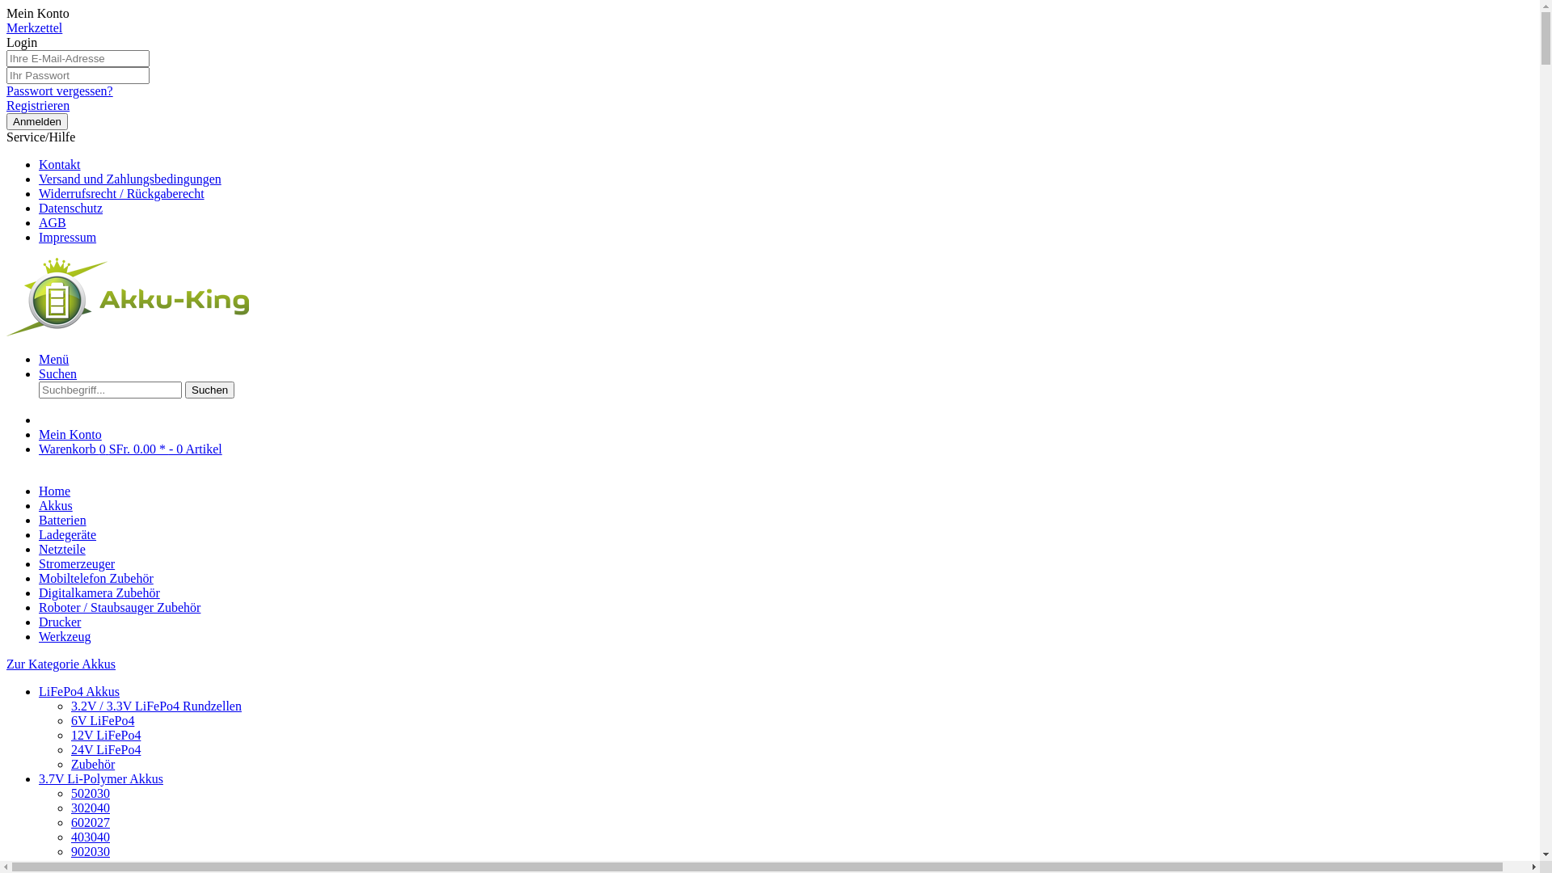  I want to click on 'Werkzeug', so click(65, 635).